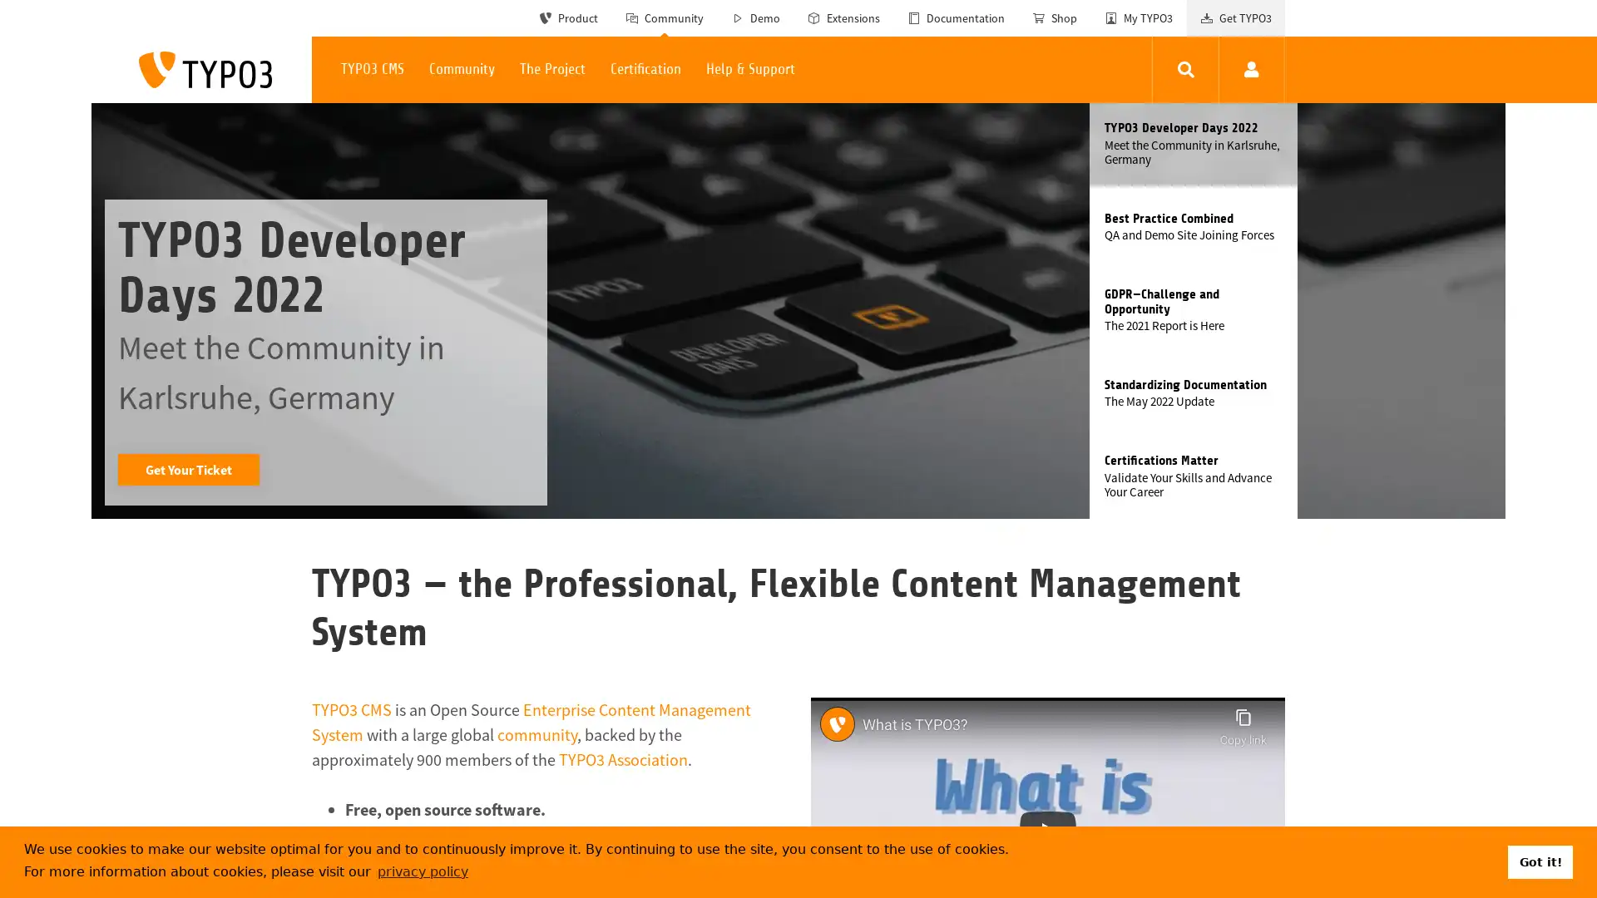 This screenshot has height=898, width=1597. I want to click on learn more about cookies, so click(423, 871).